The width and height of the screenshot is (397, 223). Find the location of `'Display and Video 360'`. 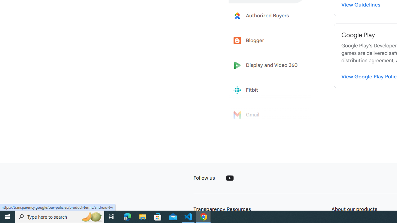

'Display and Video 360' is located at coordinates (267, 65).